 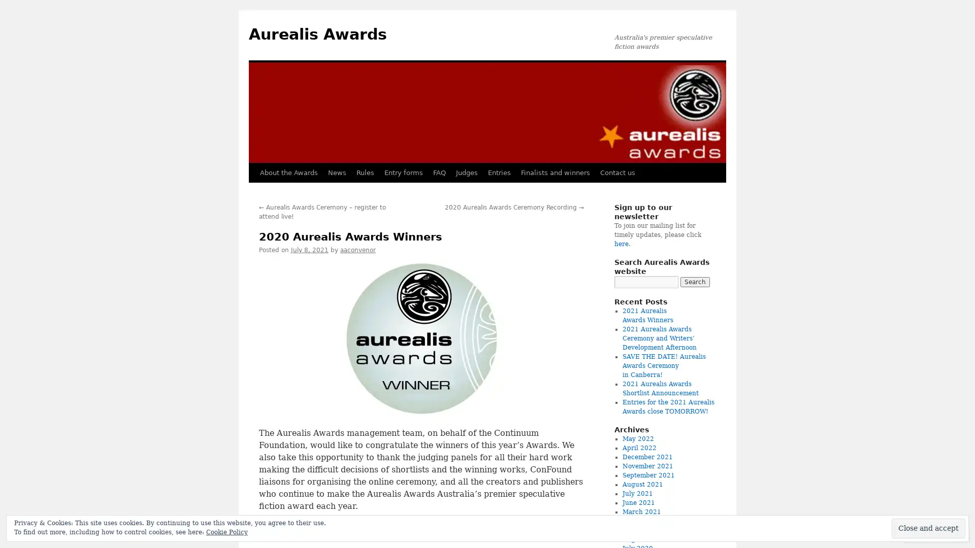 What do you see at coordinates (694, 282) in the screenshot?
I see `Search` at bounding box center [694, 282].